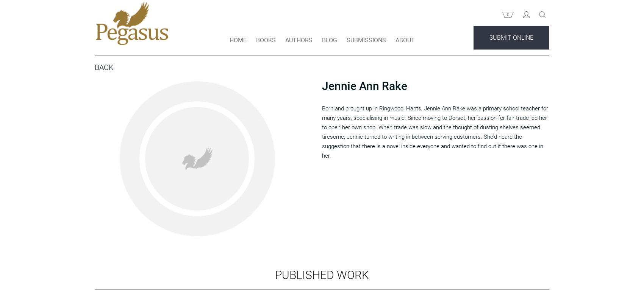 This screenshot has height=293, width=644. What do you see at coordinates (365, 54) in the screenshot?
I see `'SUBMISSIONS'` at bounding box center [365, 54].